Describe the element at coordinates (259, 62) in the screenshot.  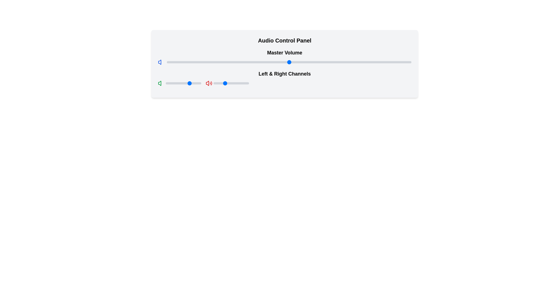
I see `the master volume level` at that location.